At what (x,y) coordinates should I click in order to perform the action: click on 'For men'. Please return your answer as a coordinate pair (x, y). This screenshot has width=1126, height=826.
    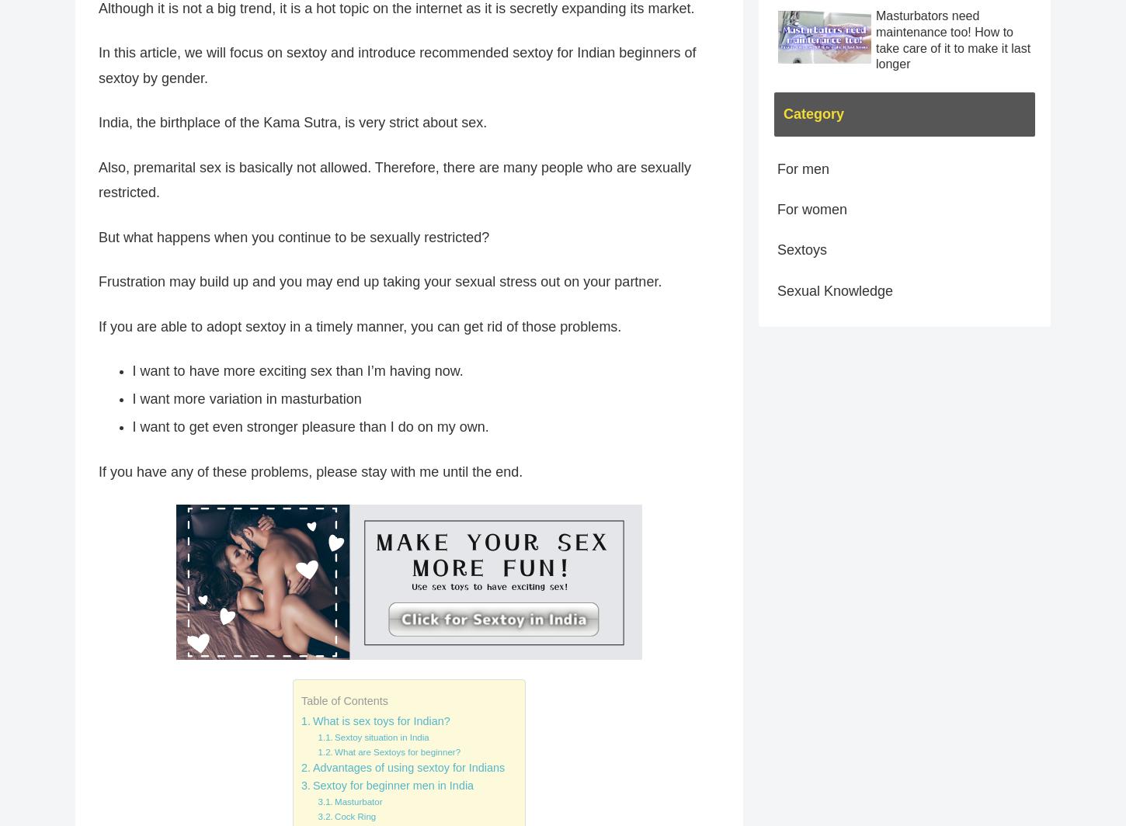
    Looking at the image, I should click on (803, 168).